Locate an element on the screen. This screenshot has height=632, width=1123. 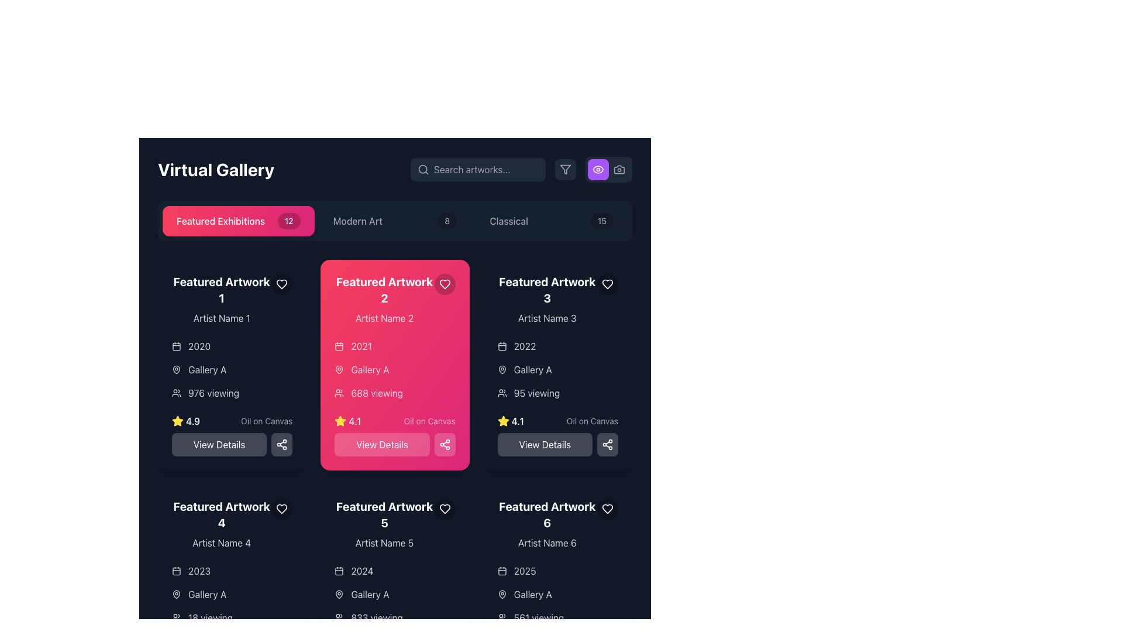
the map pin icon located to the left of the text 'Gallery A', which is the first element in its group is located at coordinates (502, 370).